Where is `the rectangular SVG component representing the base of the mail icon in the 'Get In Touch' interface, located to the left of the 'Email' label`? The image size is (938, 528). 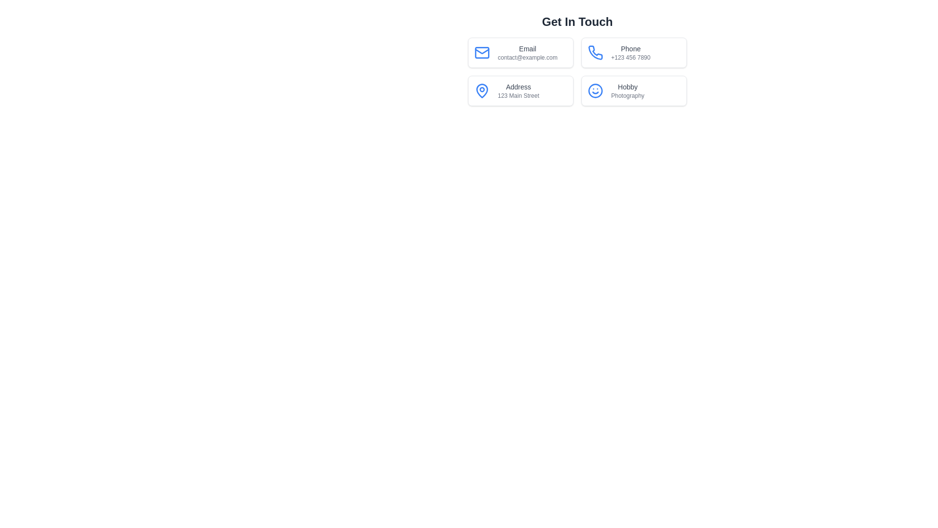 the rectangular SVG component representing the base of the mail icon in the 'Get In Touch' interface, located to the left of the 'Email' label is located at coordinates (482, 53).